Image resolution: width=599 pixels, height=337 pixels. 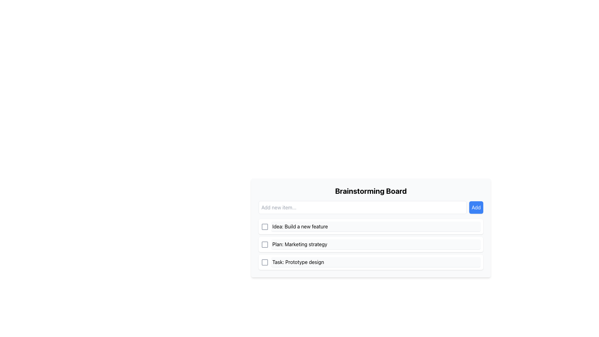 What do you see at coordinates (265, 244) in the screenshot?
I see `the checkbox located to the left of the text field labeled 'Plan: Marketing strategy' in the second row of the list under 'Brainstorming Board'` at bounding box center [265, 244].